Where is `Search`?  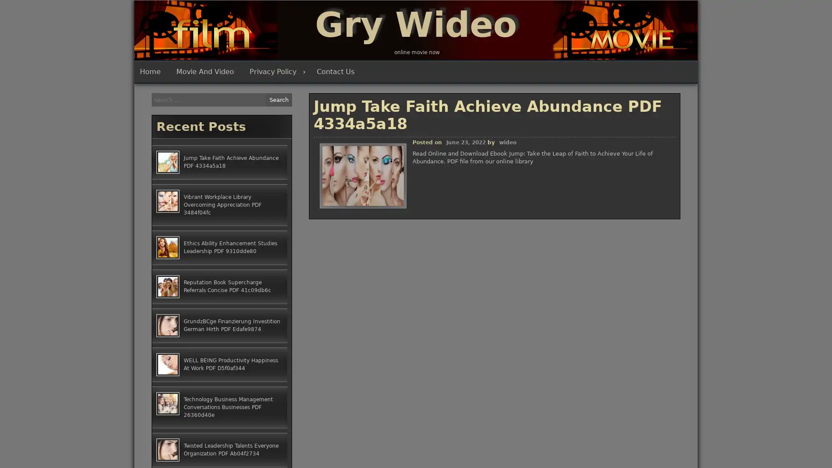 Search is located at coordinates (279, 99).